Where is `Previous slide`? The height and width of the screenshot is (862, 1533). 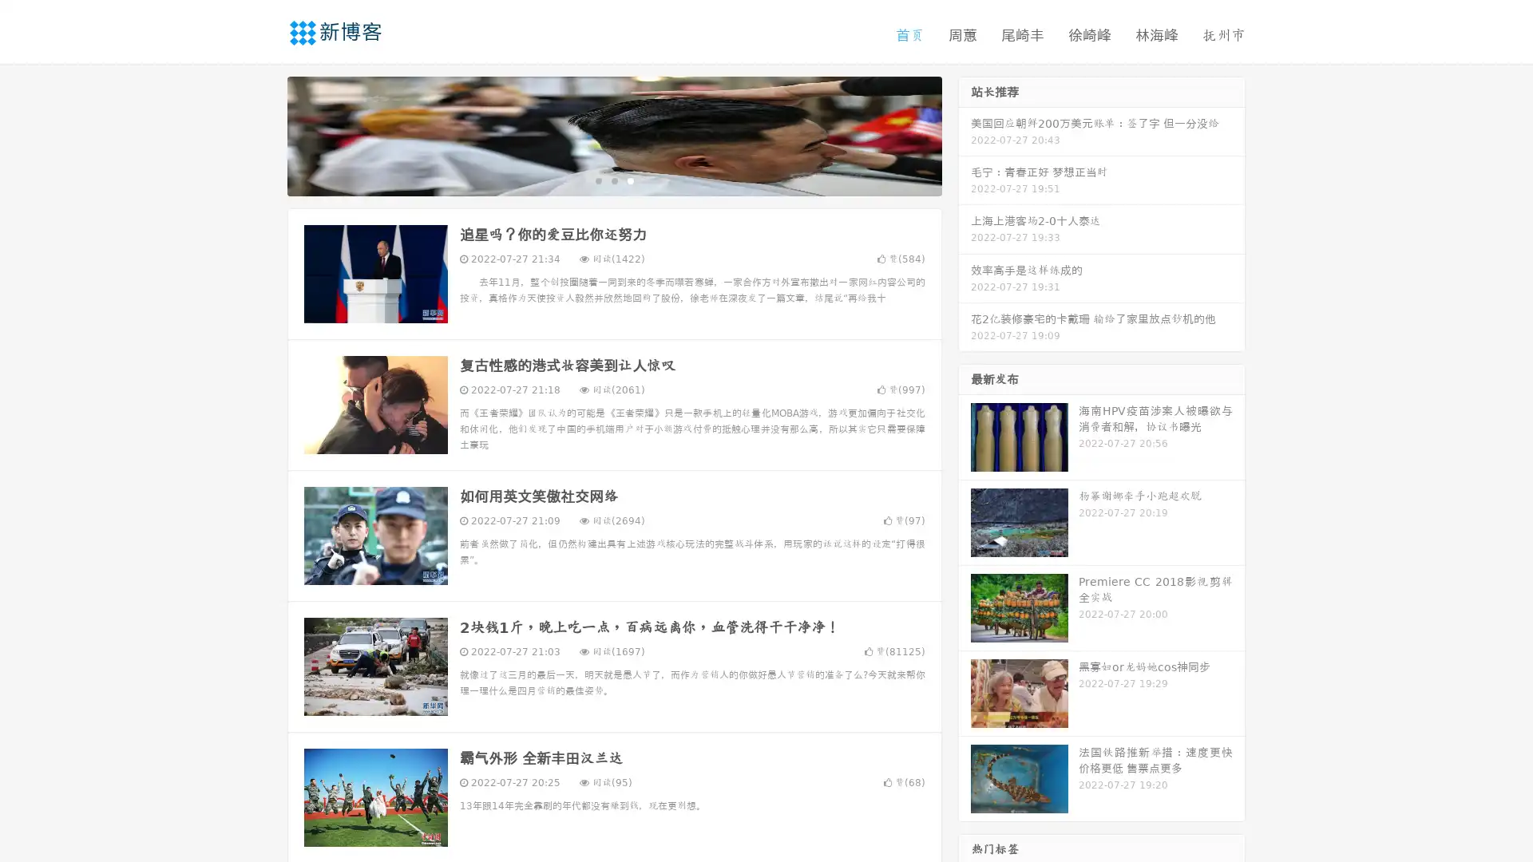
Previous slide is located at coordinates (263, 134).